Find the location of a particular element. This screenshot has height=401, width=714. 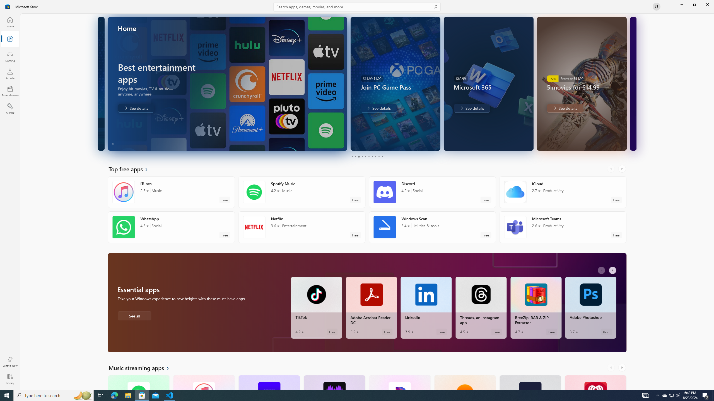

'AutomationID: RightScrollButton' is located at coordinates (622, 368).